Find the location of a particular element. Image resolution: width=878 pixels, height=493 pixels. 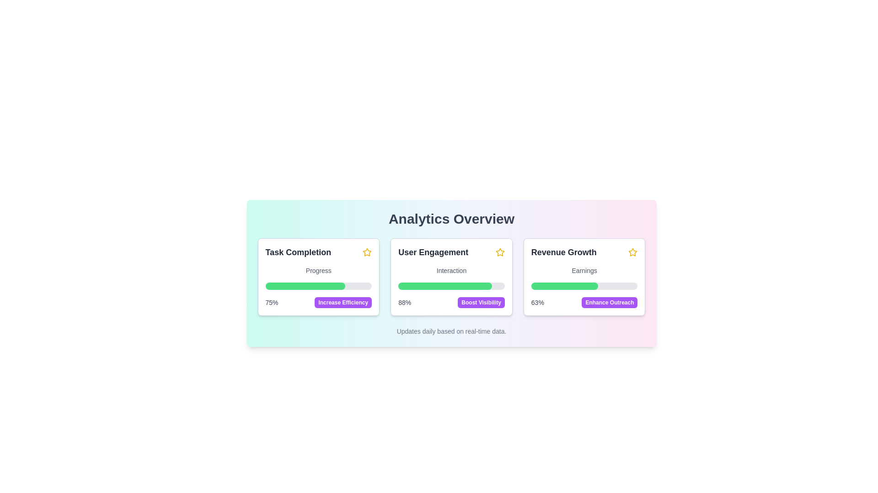

the horizontal progress bar within the 'Revenue Growth' card, which is styled with a gray background and a green bar indicating 63% progress is located at coordinates (584, 286).